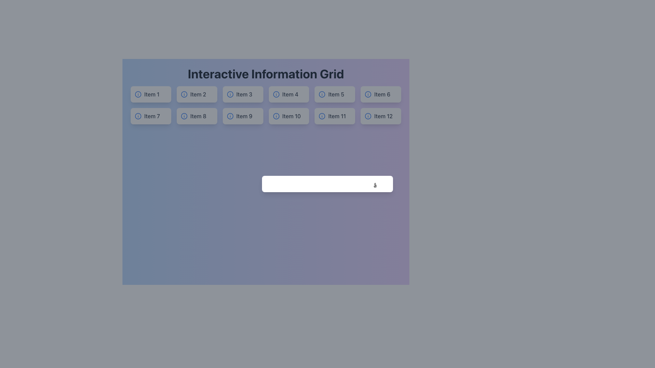 The width and height of the screenshot is (655, 368). Describe the element at coordinates (198, 116) in the screenshot. I see `the text label for the eighth interactive item in the 3x4 grid layout, located in the second row and second column, to the right of the information icon` at that location.